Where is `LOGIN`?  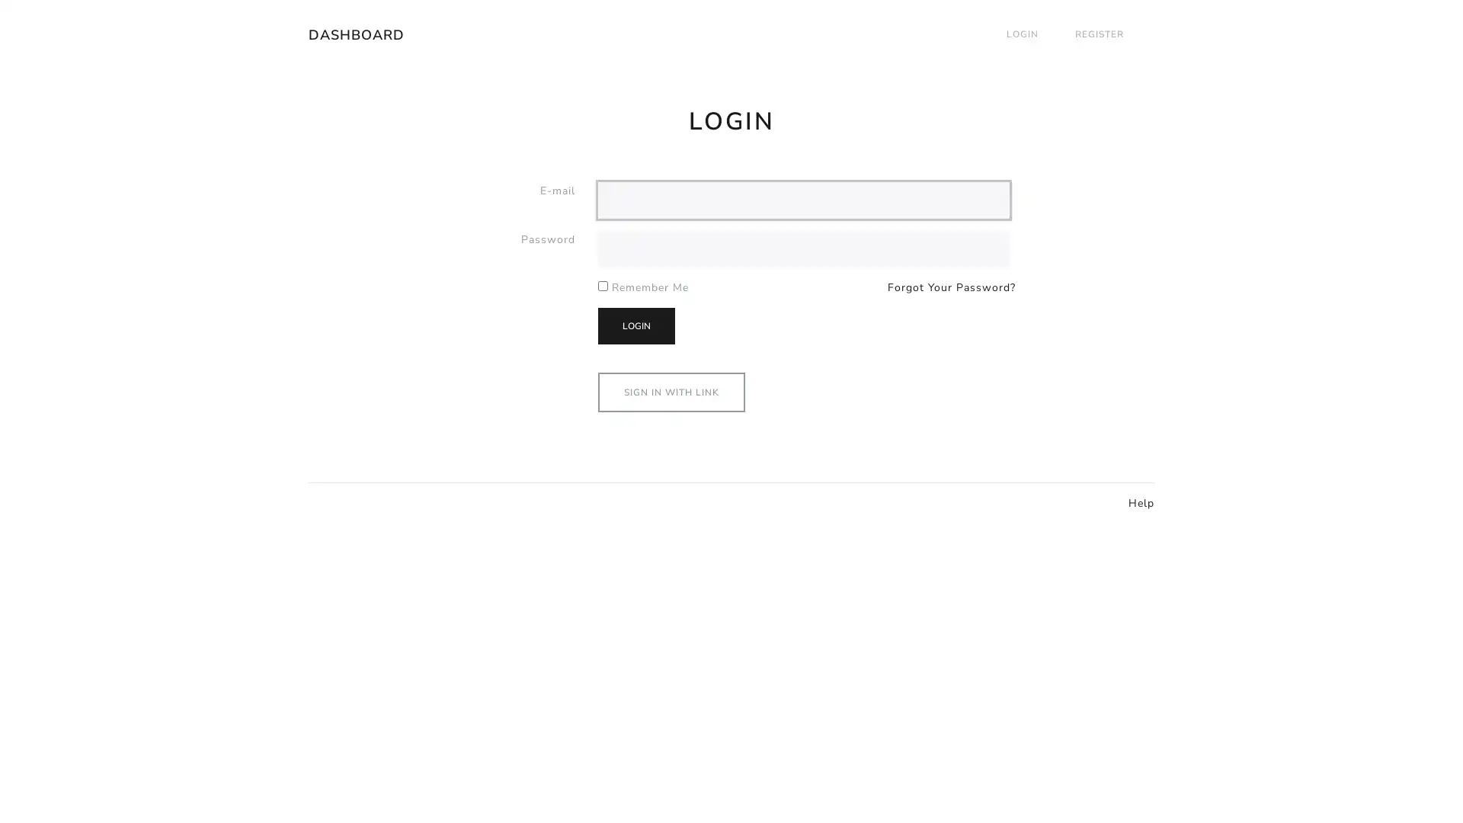 LOGIN is located at coordinates (636, 325).